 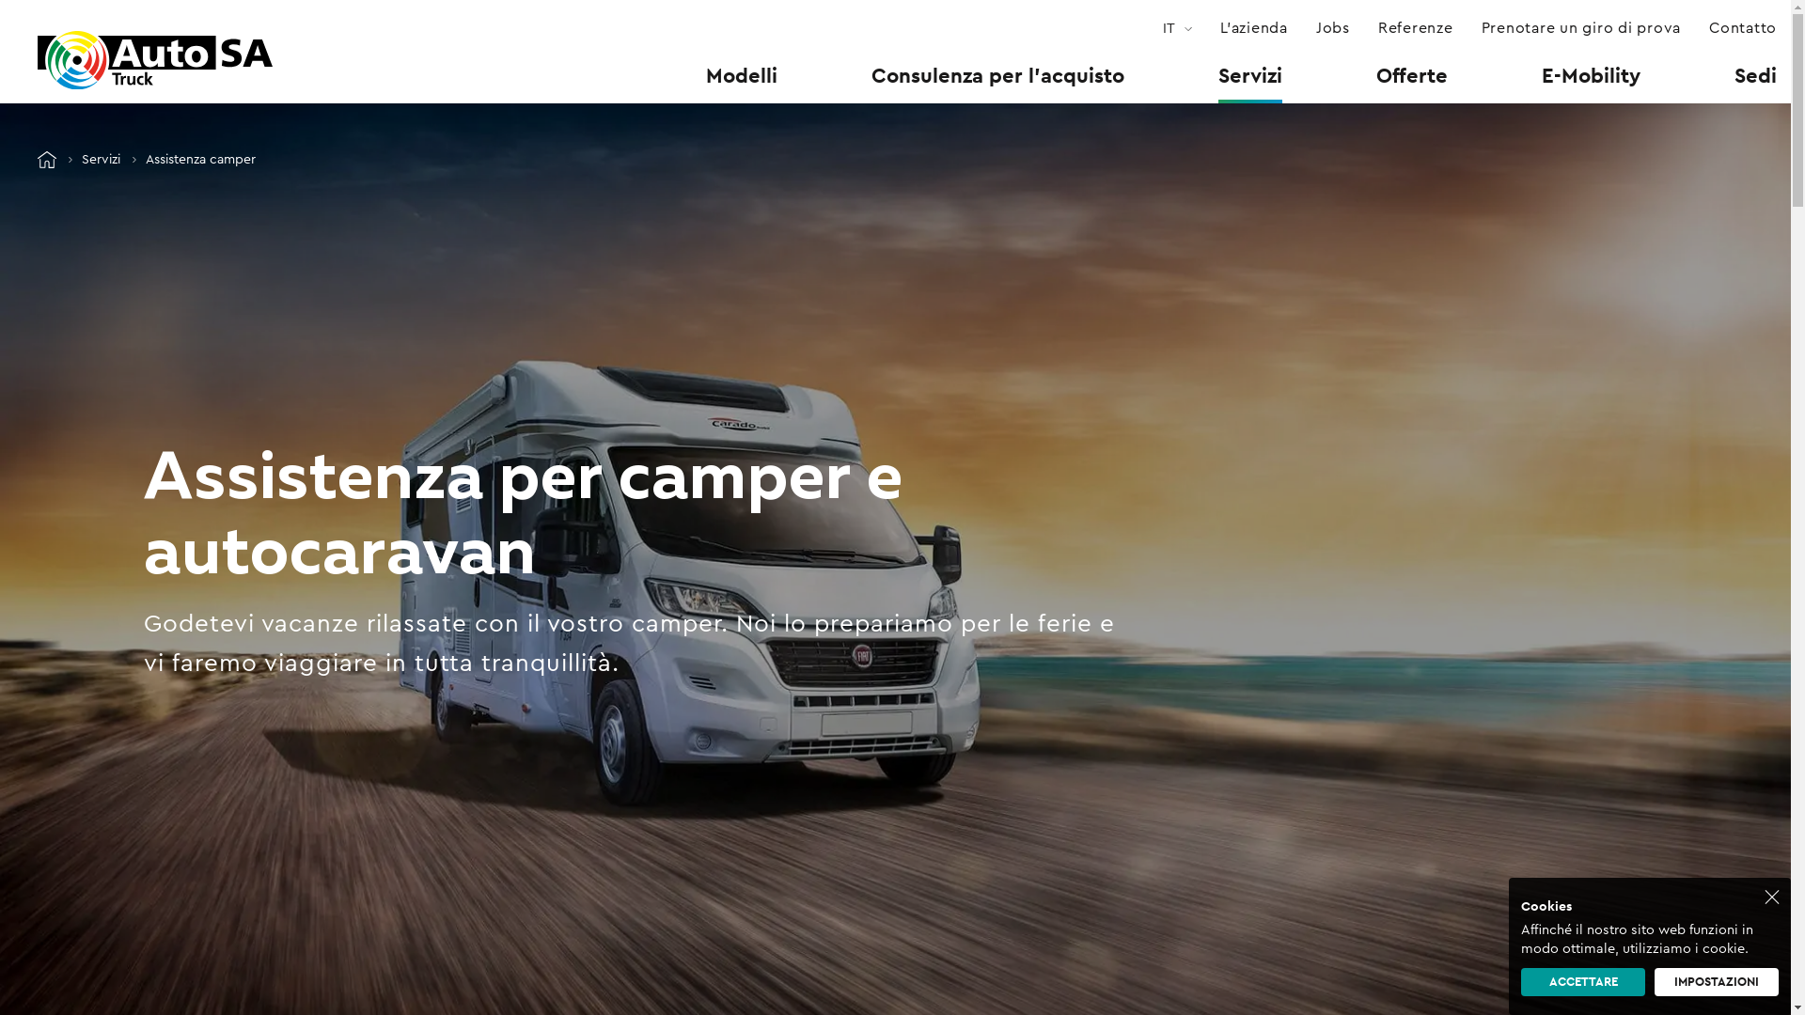 I want to click on 'IMPOSTAZIONI', so click(x=1716, y=981).